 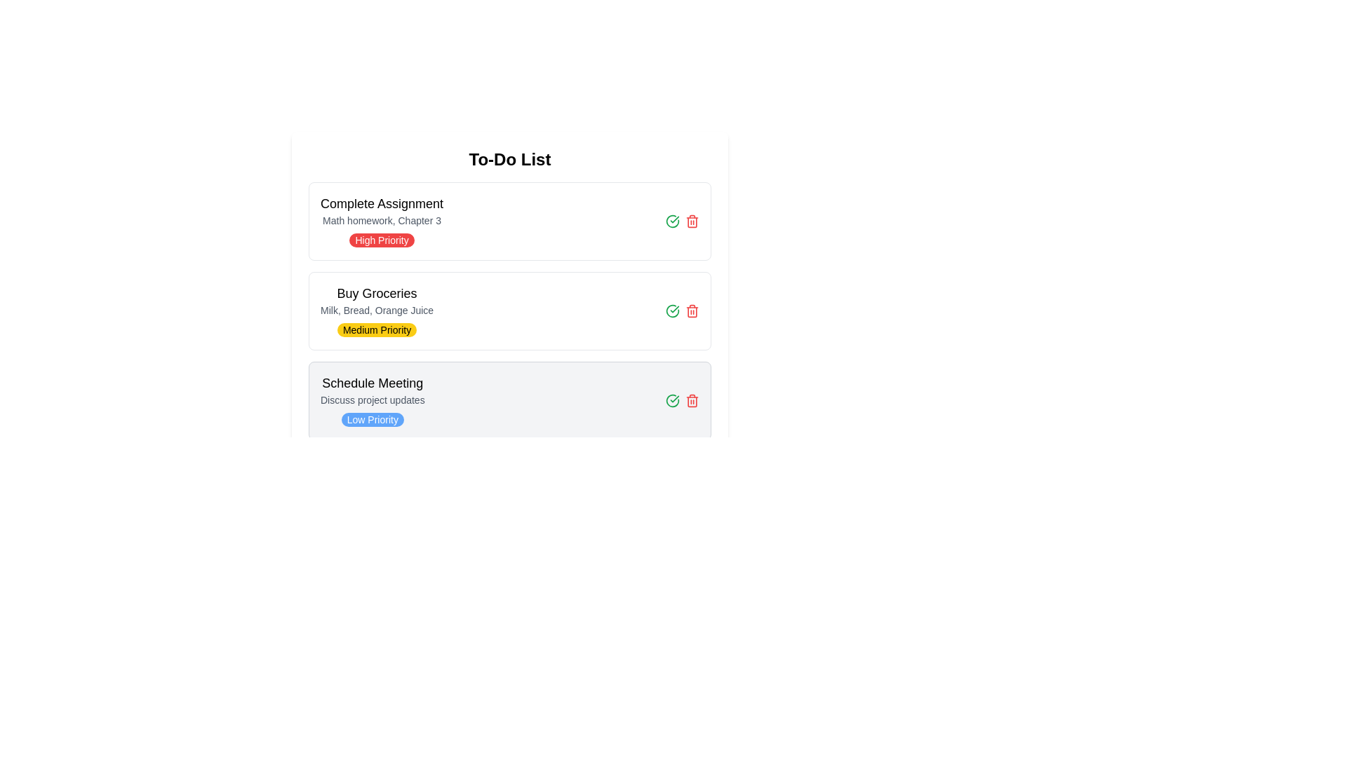 I want to click on the priority level of the task entry located in the third row of the to-do list, which is centered horizontally and aligned beneath the 'Buy Groceries' entry, so click(x=373, y=400).